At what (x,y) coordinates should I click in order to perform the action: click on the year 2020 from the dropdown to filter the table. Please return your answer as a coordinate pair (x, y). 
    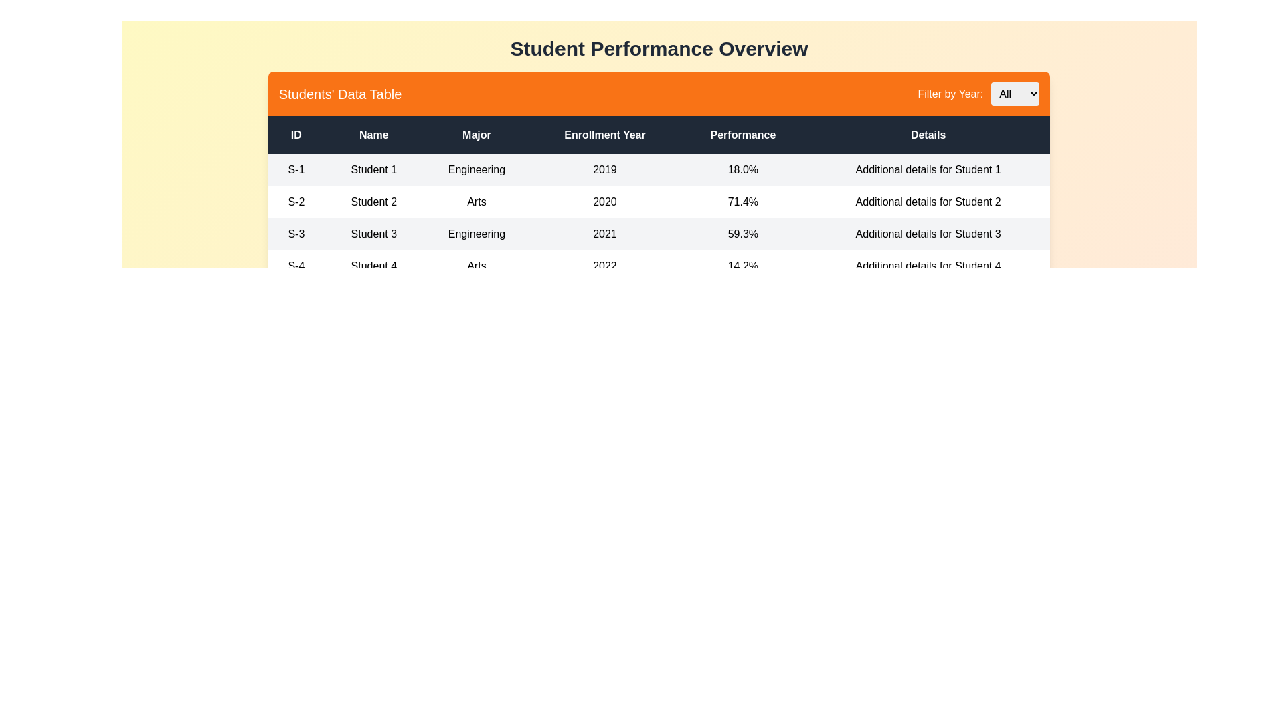
    Looking at the image, I should click on (1015, 93).